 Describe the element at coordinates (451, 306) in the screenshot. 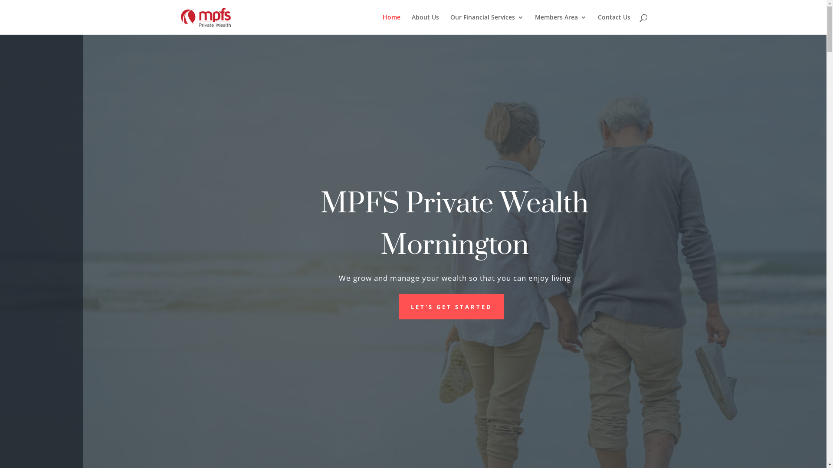

I see `'LET'S GET STARTED'` at that location.